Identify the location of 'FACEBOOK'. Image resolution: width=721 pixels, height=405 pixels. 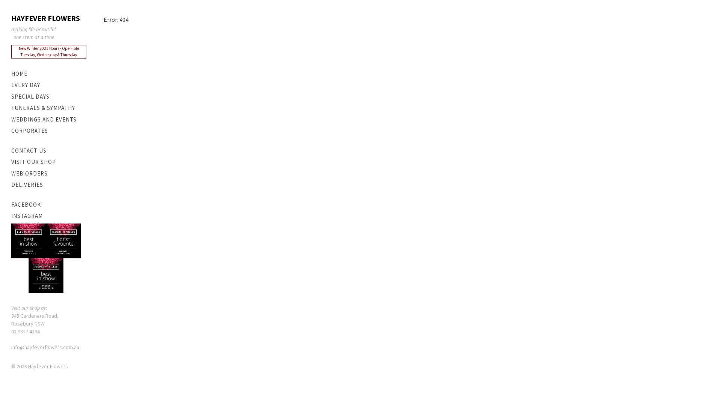
(48, 205).